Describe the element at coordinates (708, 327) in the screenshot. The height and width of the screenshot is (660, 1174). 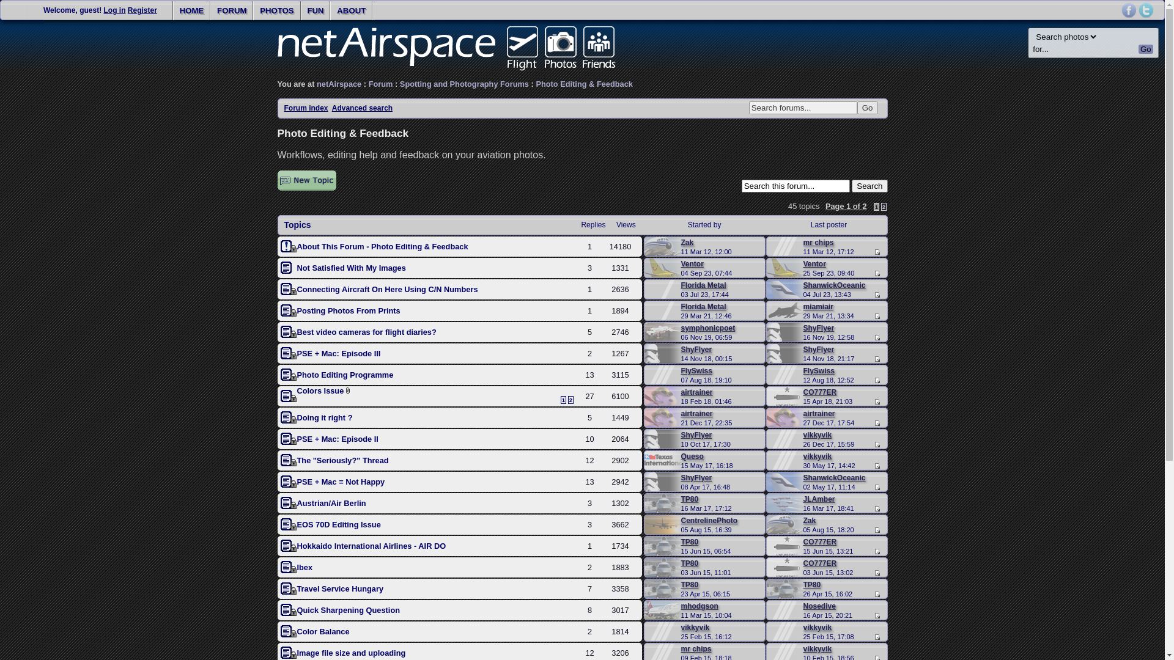
I see `'symphonicpoet'` at that location.